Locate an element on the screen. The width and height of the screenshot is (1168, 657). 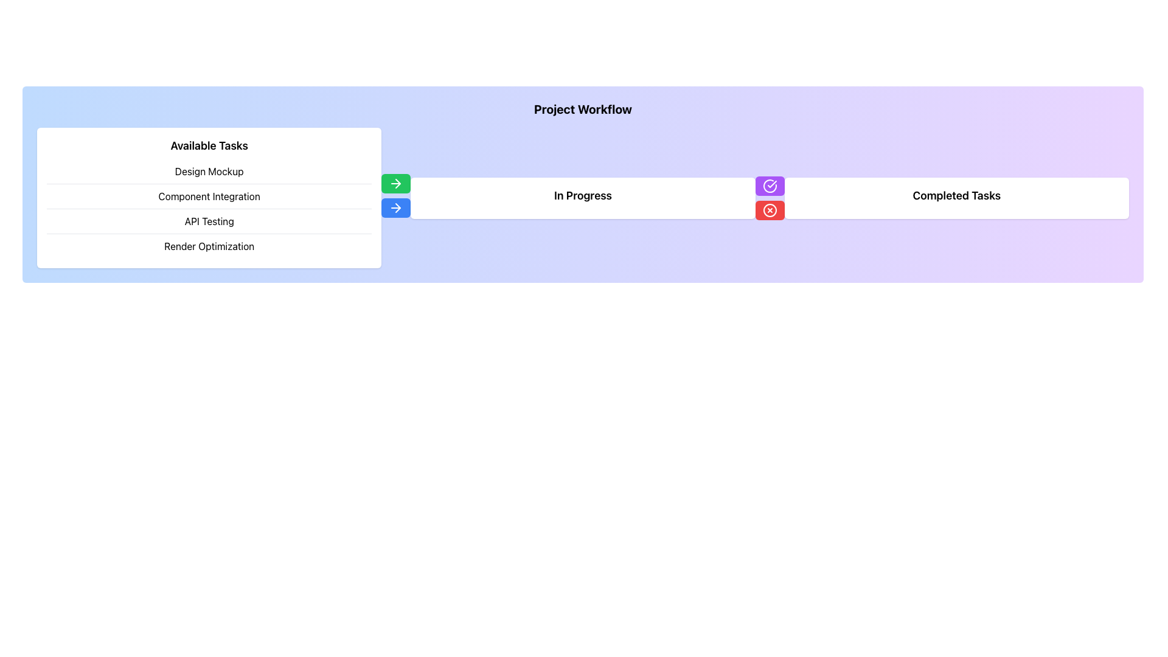
the composite control element containing the task completion and cancellation buttons is located at coordinates (769, 197).